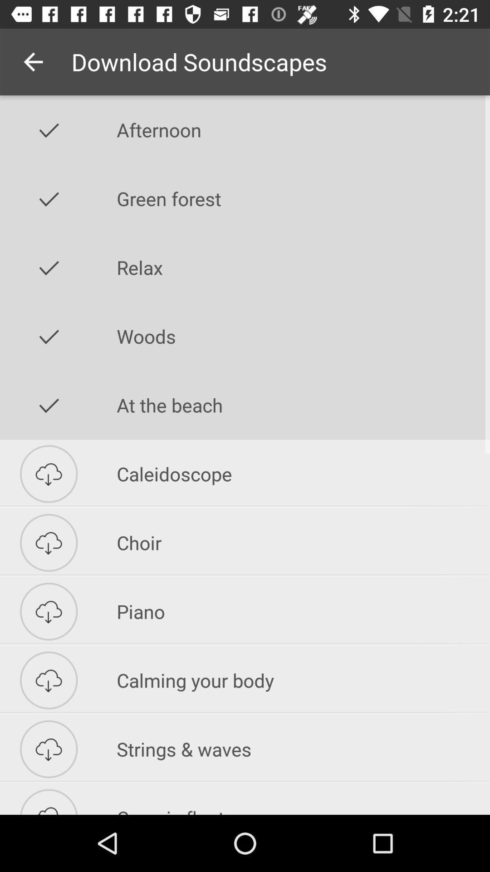 The width and height of the screenshot is (490, 872). Describe the element at coordinates (303, 129) in the screenshot. I see `icon above the green forest icon` at that location.